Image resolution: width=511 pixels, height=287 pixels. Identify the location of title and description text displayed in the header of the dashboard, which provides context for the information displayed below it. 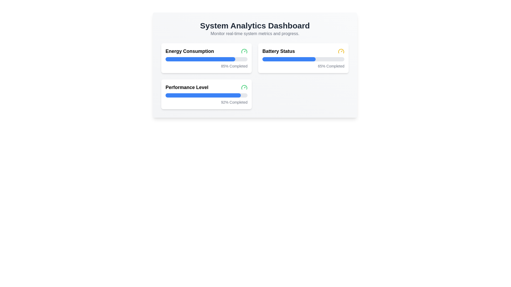
(255, 29).